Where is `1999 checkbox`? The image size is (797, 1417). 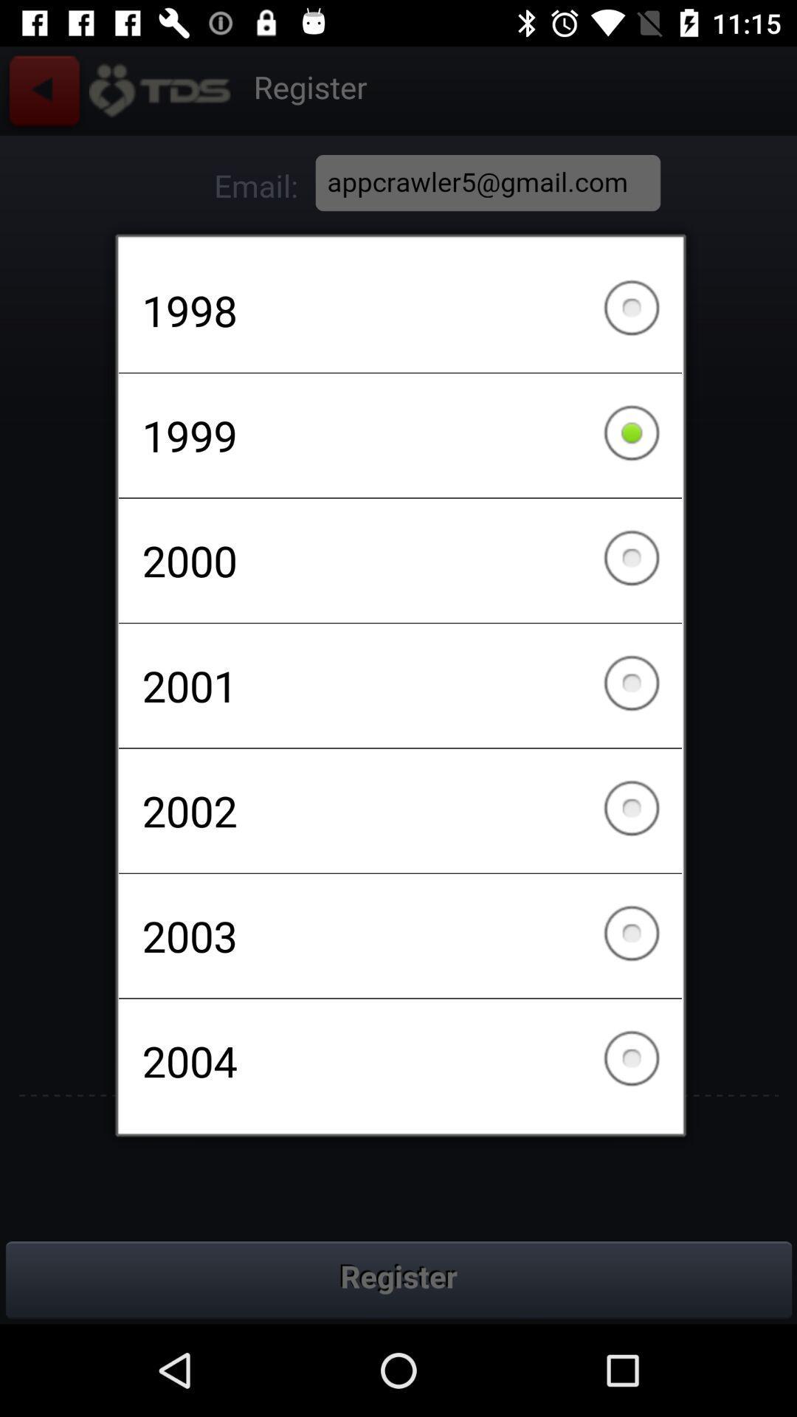 1999 checkbox is located at coordinates (400, 435).